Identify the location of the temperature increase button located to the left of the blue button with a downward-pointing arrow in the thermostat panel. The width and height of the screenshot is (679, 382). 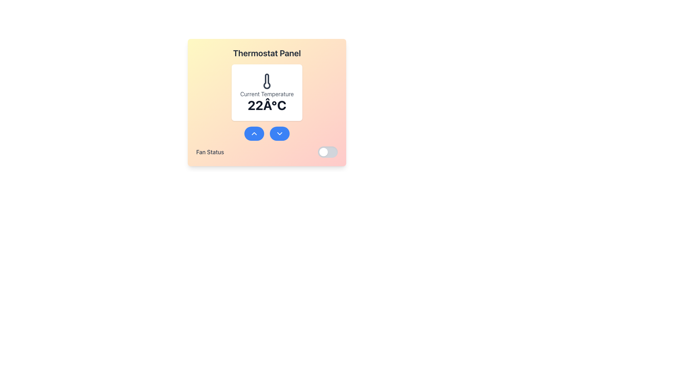
(254, 134).